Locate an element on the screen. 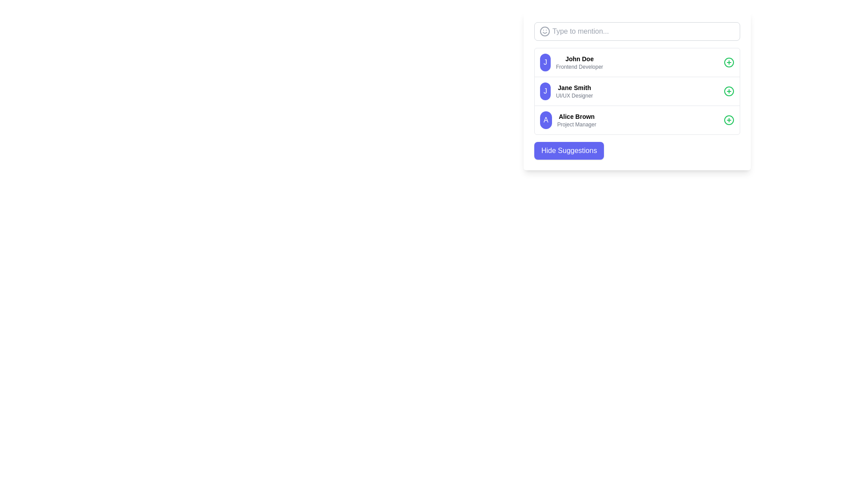 The width and height of the screenshot is (852, 479). the text label displaying 'UI/UX Designer' located directly below 'Jane Smith' in the second list entry of suggestions is located at coordinates (574, 96).